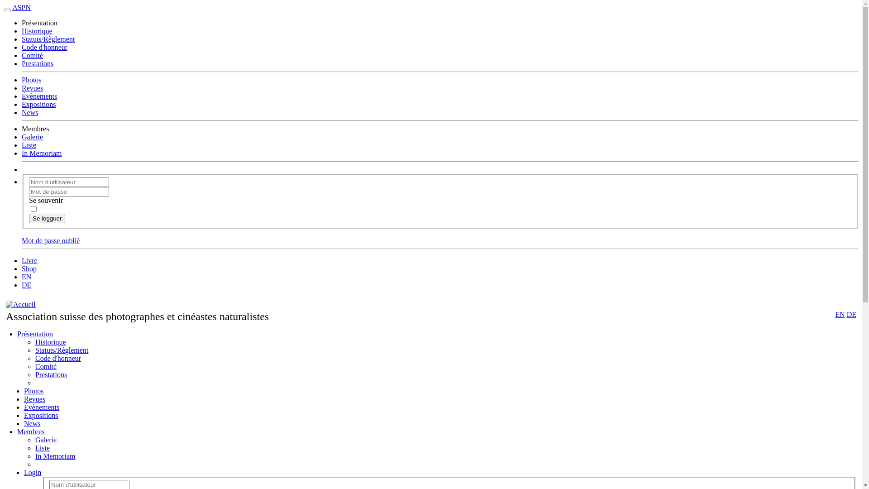 The width and height of the screenshot is (869, 489). What do you see at coordinates (21, 304) in the screenshot?
I see `'Accueil'` at bounding box center [21, 304].